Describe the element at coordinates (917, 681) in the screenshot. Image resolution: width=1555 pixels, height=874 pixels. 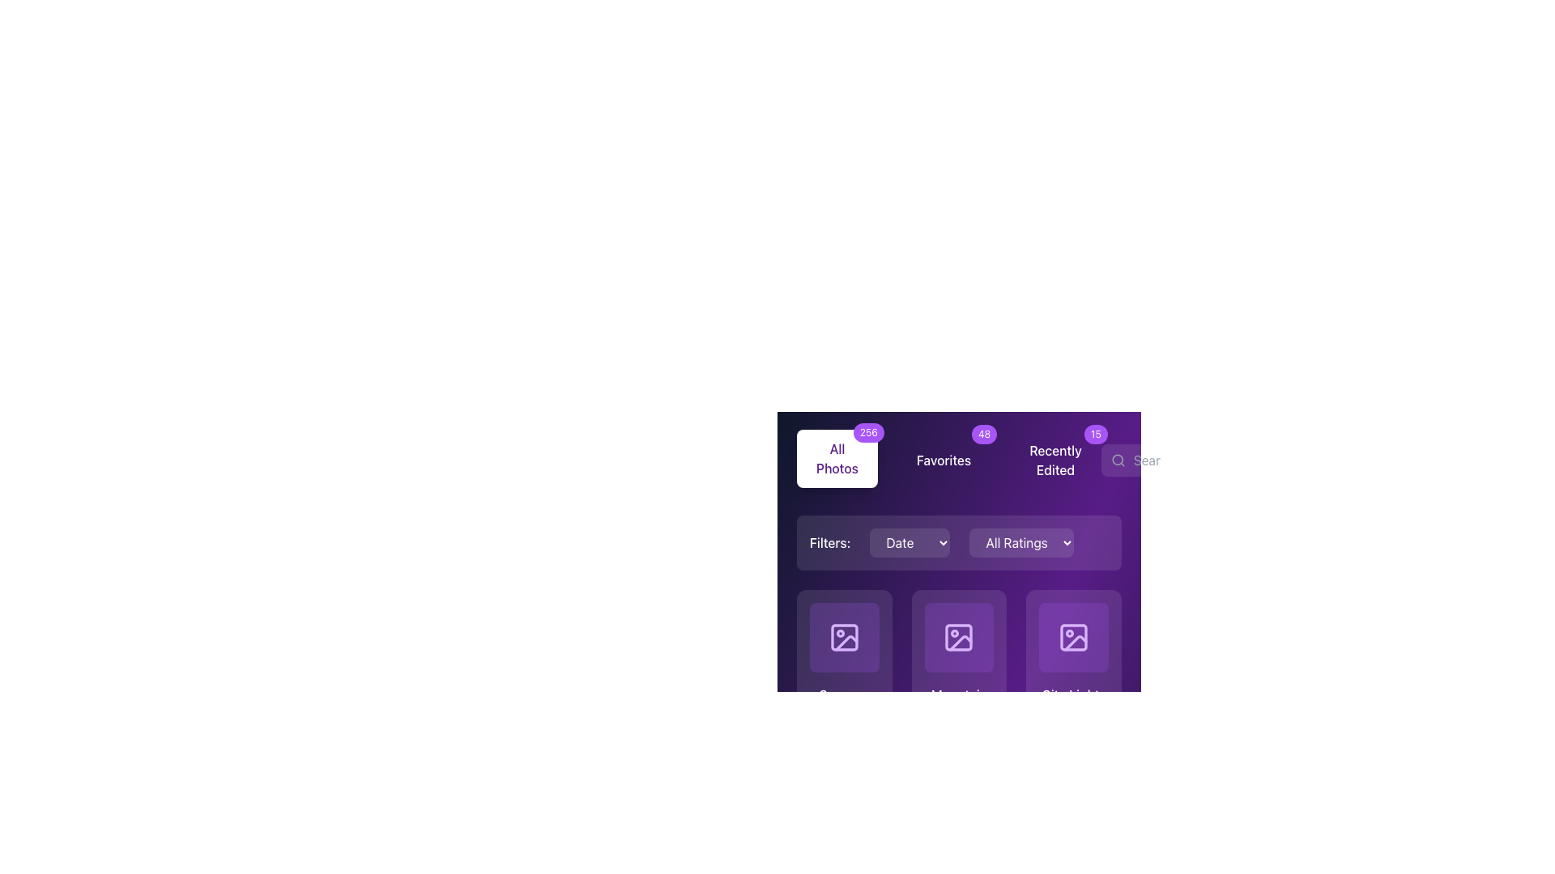
I see `the first circular button located below an image thumbnail` at that location.